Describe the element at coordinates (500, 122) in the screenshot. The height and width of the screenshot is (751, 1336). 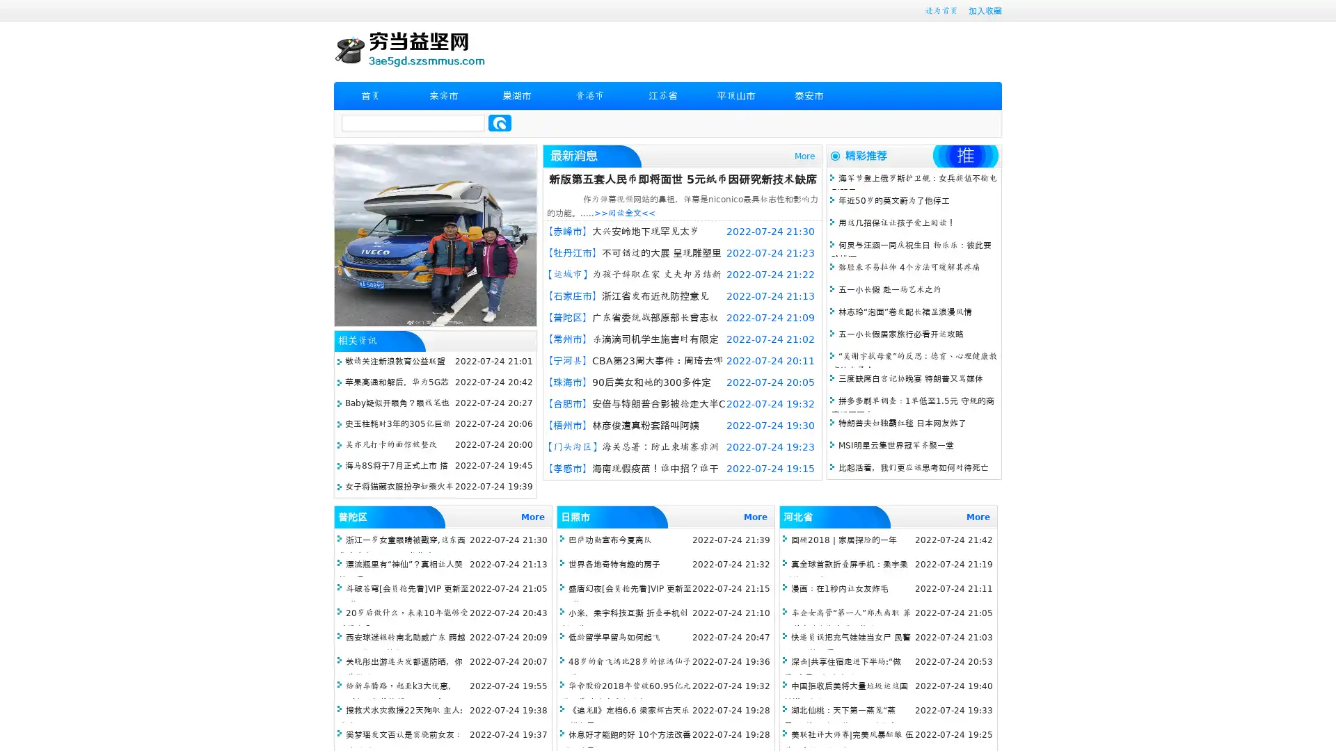
I see `Search` at that location.